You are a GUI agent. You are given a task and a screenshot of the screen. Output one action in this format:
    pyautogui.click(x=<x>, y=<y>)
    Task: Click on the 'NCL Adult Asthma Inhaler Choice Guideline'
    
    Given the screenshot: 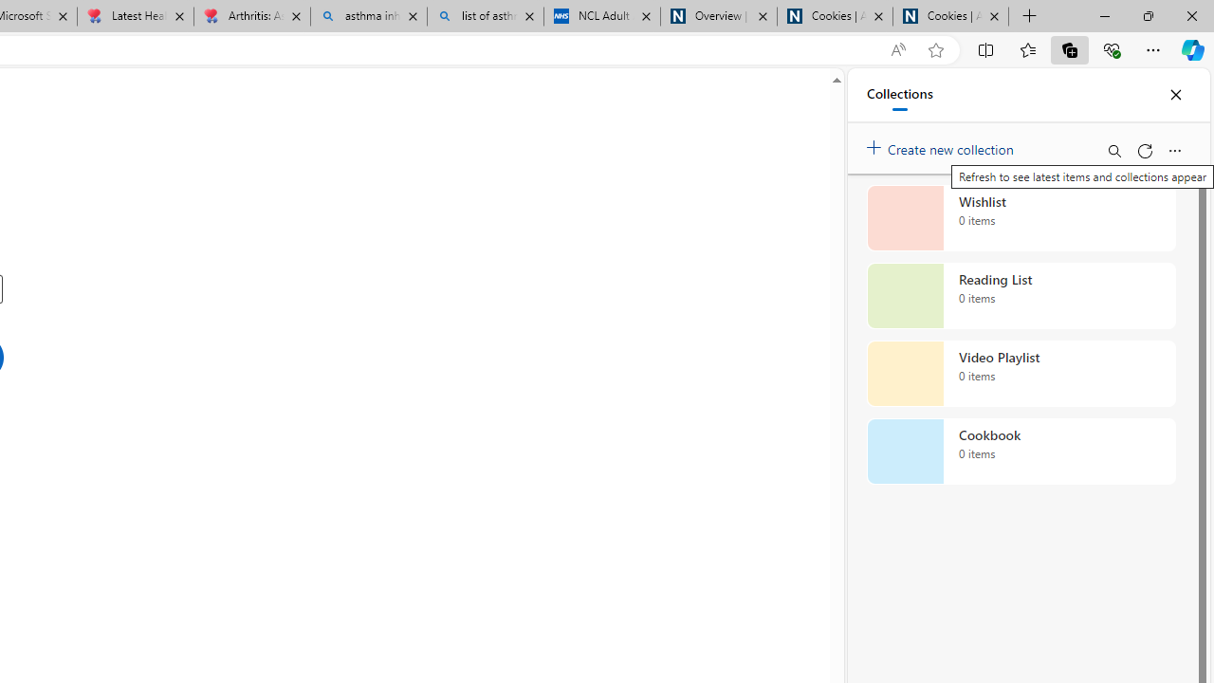 What is the action you would take?
    pyautogui.click(x=600, y=16)
    